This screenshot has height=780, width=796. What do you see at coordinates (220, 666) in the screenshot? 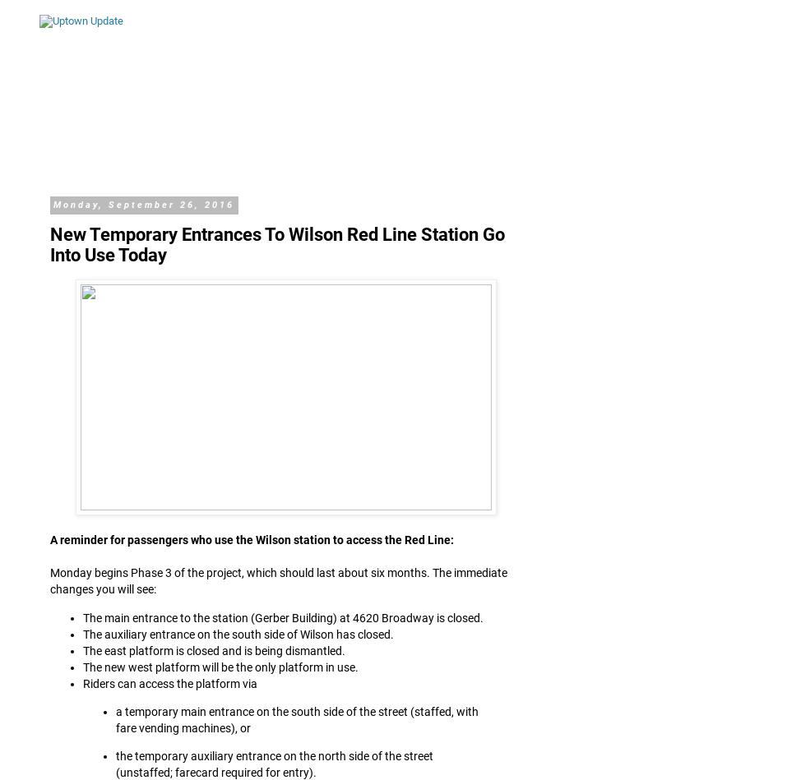
I see `'The new west platform will be the only platform in use.'` at bounding box center [220, 666].